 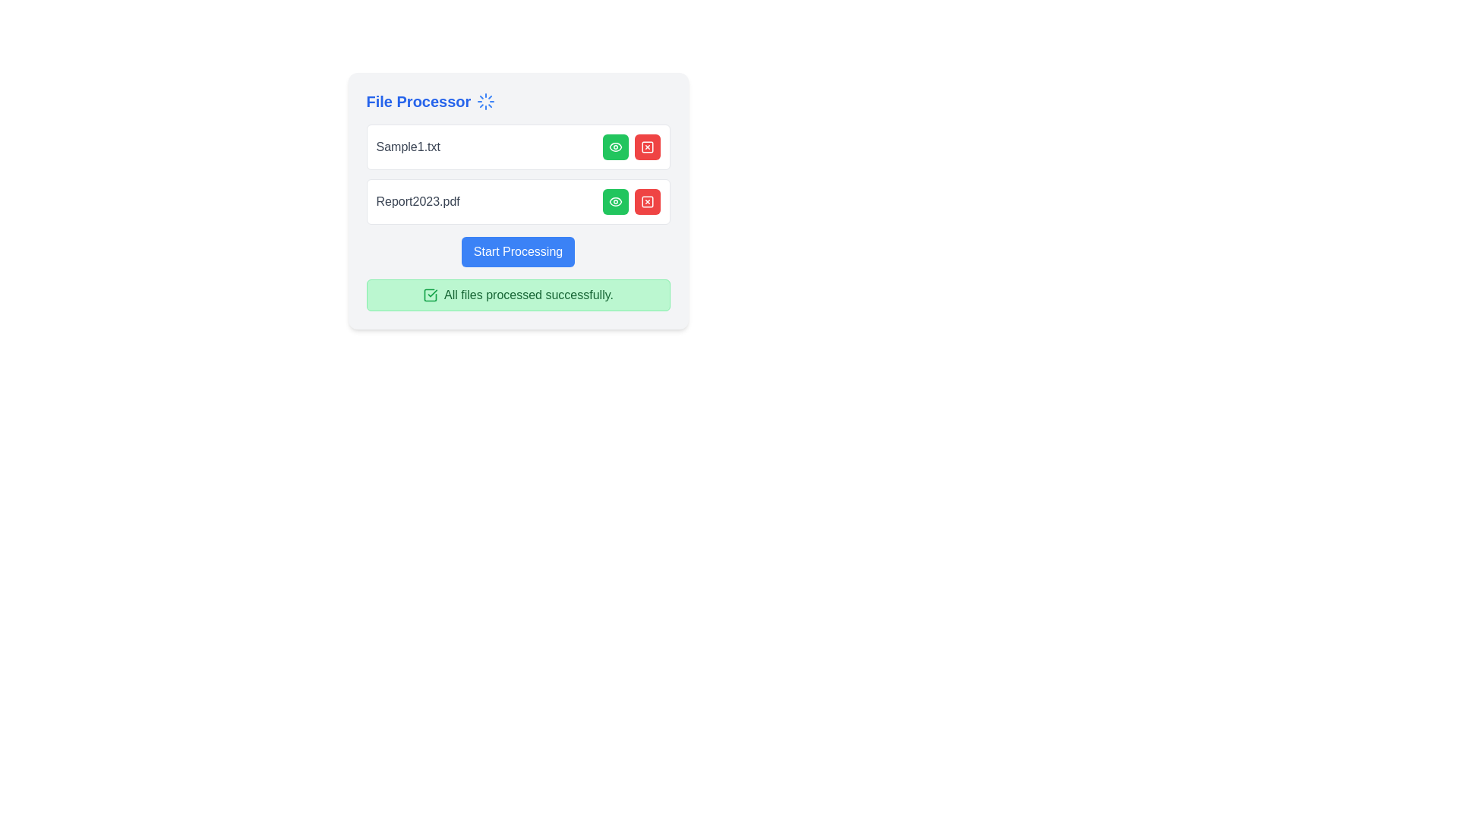 I want to click on the red square-shaped delete button with an 'X' icon located to the right of the green button in the row associated with 'Report2023.pdf', so click(x=647, y=201).